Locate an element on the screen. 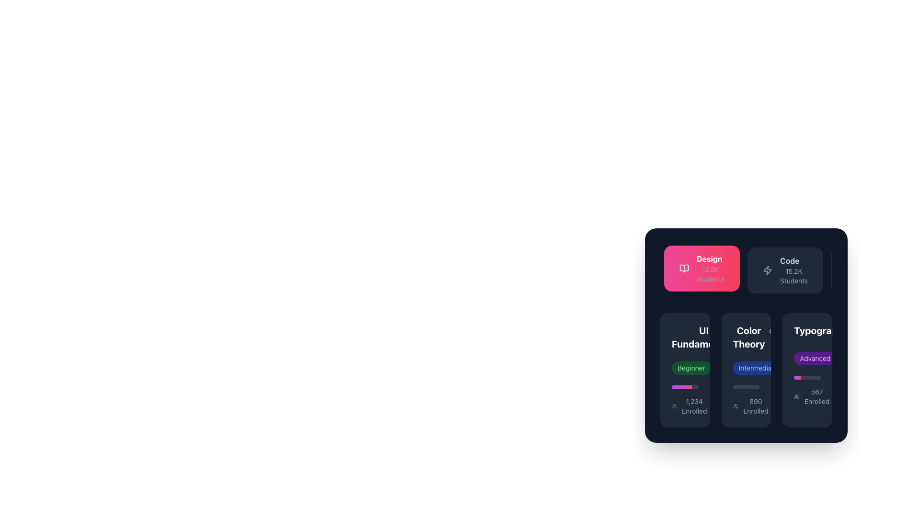  the informational label displaying '1h 45m', which indicates the duration of 1 hour and 45 minutes, aligned to the right of the clock icon in the 'Typography' section of the card is located at coordinates (806, 367).